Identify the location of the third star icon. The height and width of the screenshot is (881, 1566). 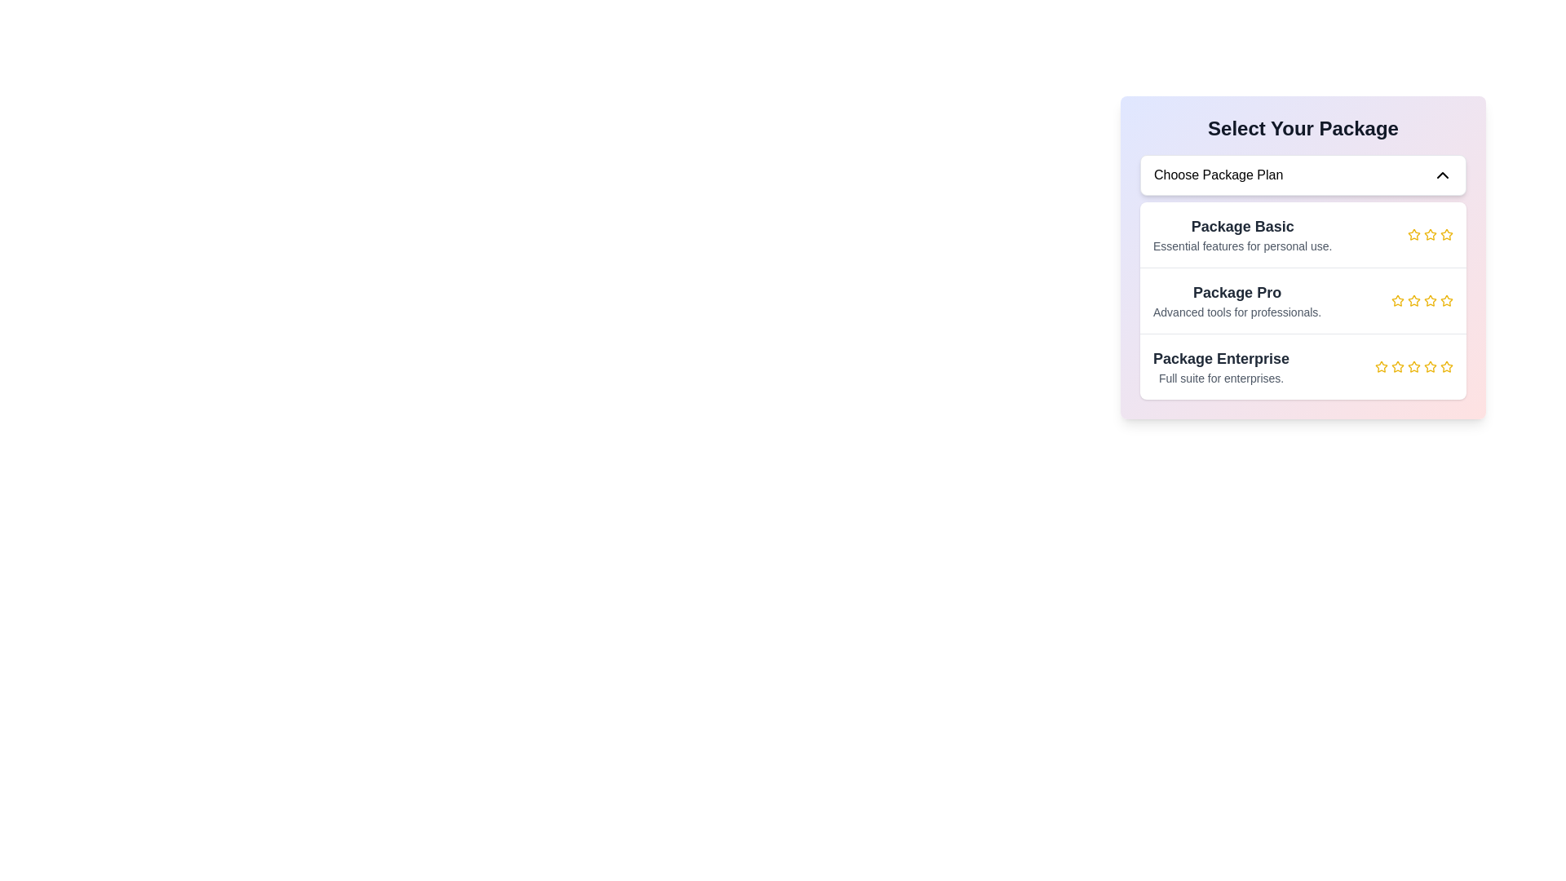
(1413, 301).